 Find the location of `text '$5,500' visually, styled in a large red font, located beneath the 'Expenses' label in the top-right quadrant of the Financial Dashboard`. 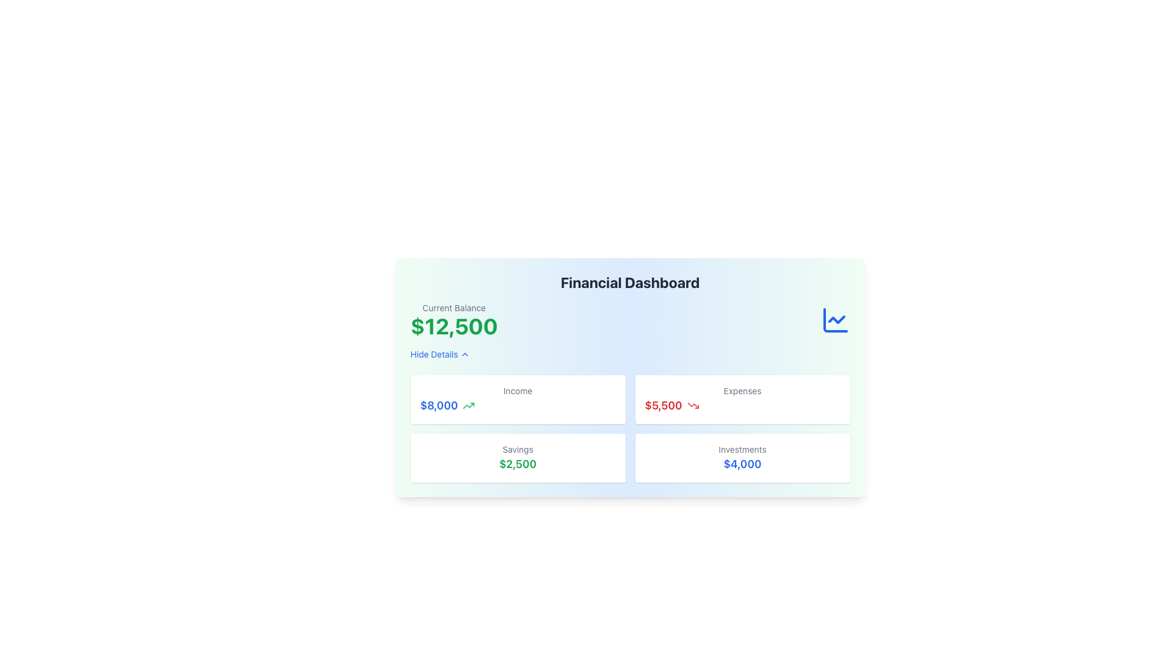

text '$5,500' visually, styled in a large red font, located beneath the 'Expenses' label in the top-right quadrant of the Financial Dashboard is located at coordinates (742, 405).